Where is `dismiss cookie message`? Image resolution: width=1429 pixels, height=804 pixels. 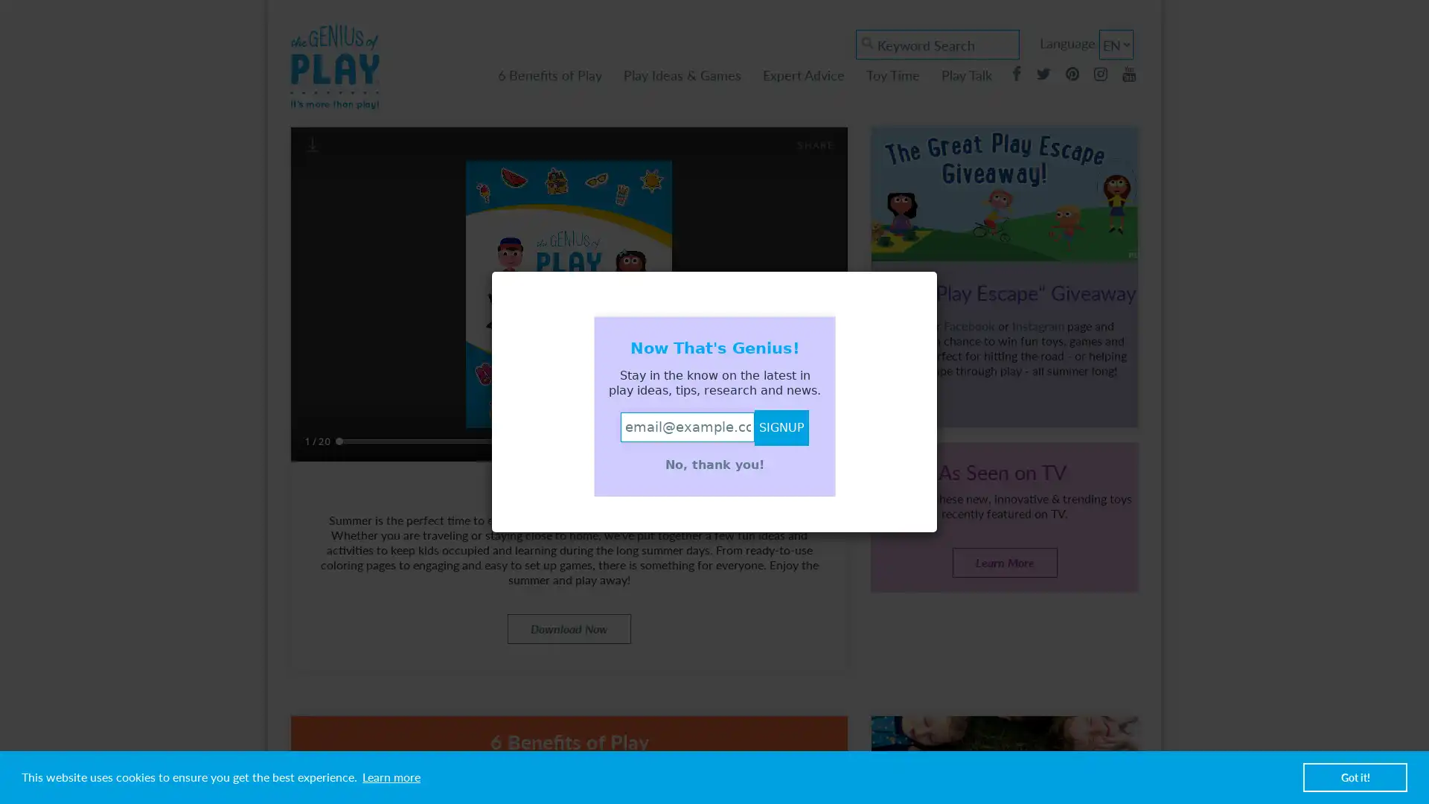
dismiss cookie message is located at coordinates (1355, 776).